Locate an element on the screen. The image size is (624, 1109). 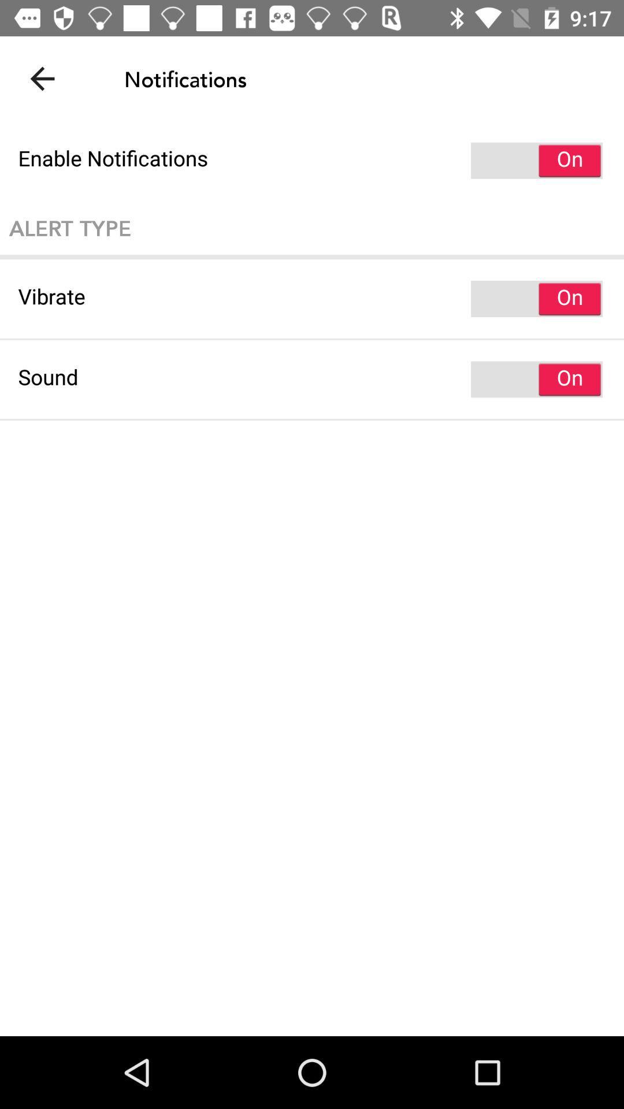
the icon above enable notifications is located at coordinates (42, 78).